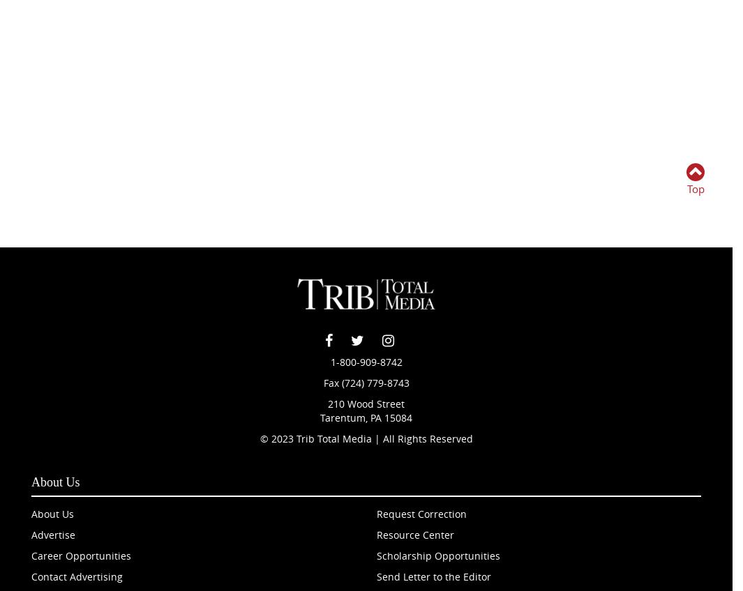 This screenshot has height=591, width=743. I want to click on 'Request Correction', so click(421, 513).